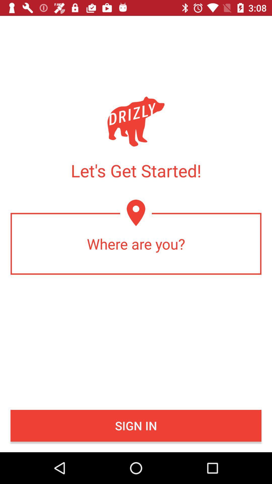  I want to click on the sign in icon, so click(136, 426).